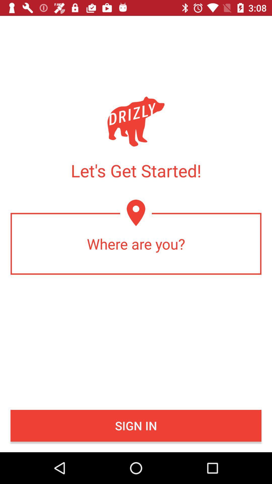  I want to click on the sign in icon, so click(136, 426).